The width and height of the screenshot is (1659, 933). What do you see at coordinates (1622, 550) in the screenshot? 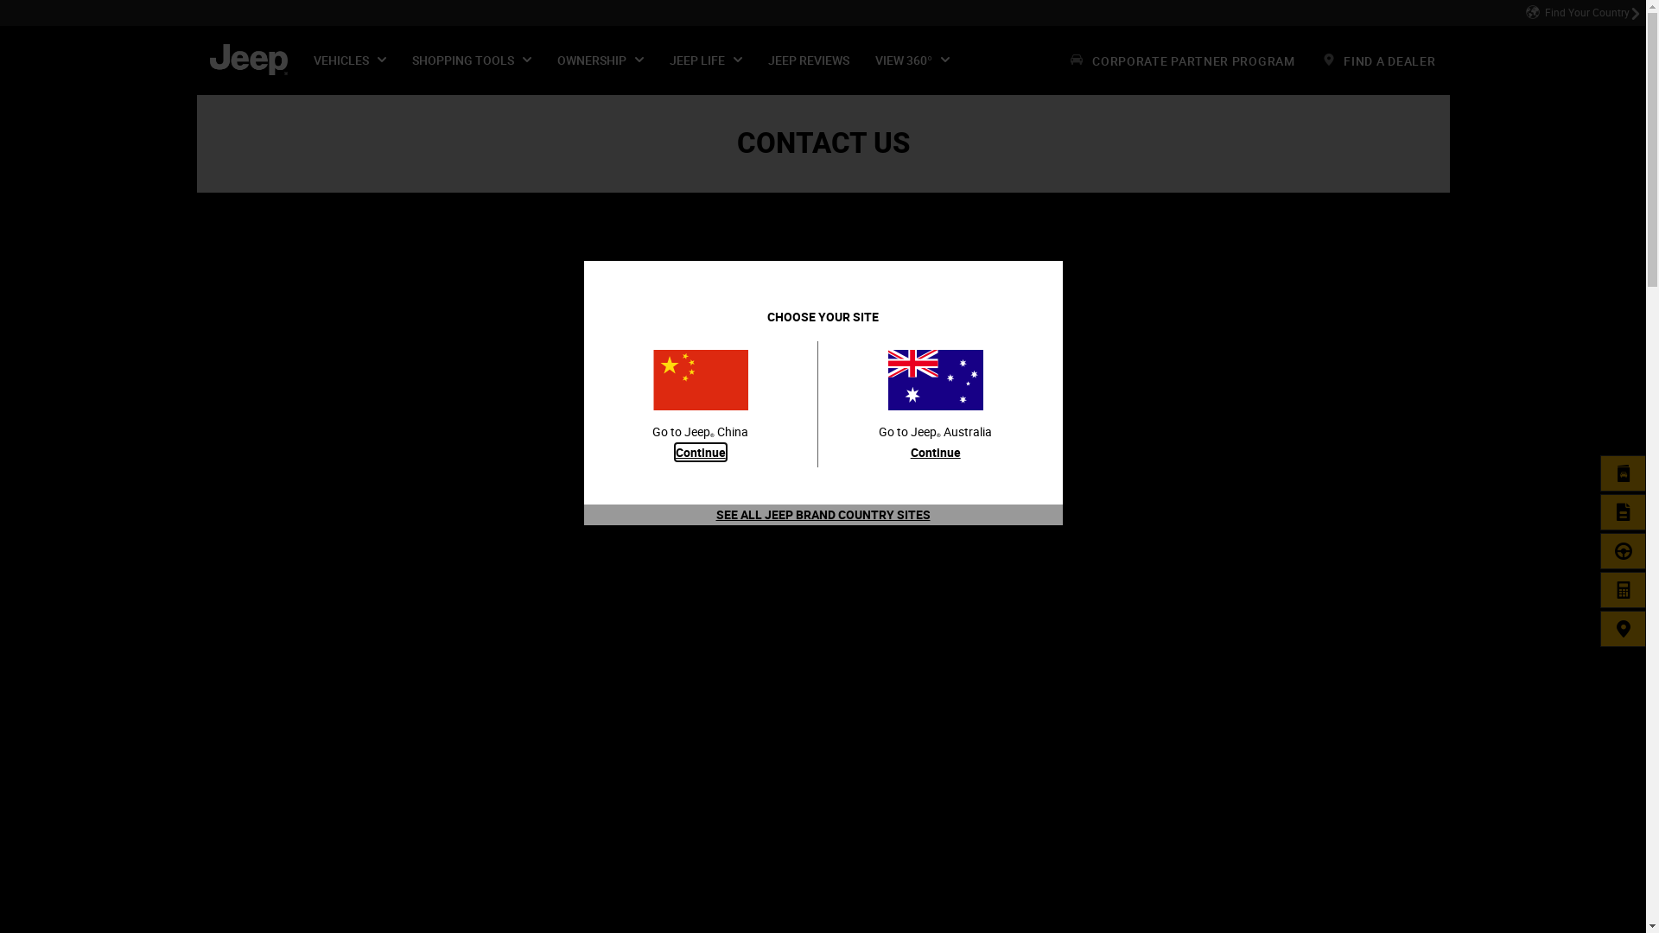
I see `'TEST DRIVE'` at bounding box center [1622, 550].